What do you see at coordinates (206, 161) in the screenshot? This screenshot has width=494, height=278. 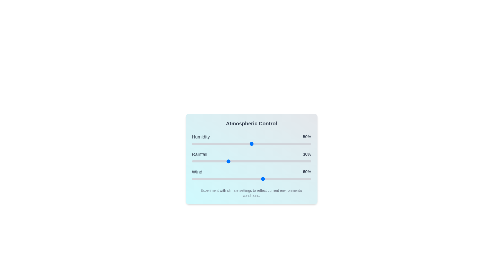 I see `the 1 slider to 12%` at bounding box center [206, 161].